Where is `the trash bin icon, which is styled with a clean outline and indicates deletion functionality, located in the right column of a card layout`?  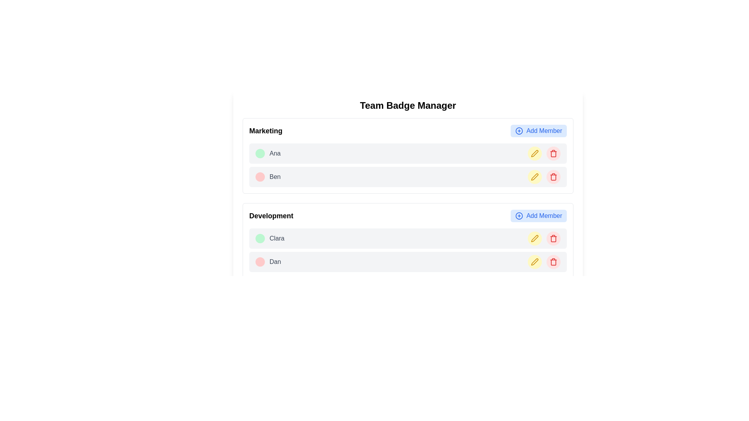
the trash bin icon, which is styled with a clean outline and indicates deletion functionality, located in the right column of a card layout is located at coordinates (553, 262).